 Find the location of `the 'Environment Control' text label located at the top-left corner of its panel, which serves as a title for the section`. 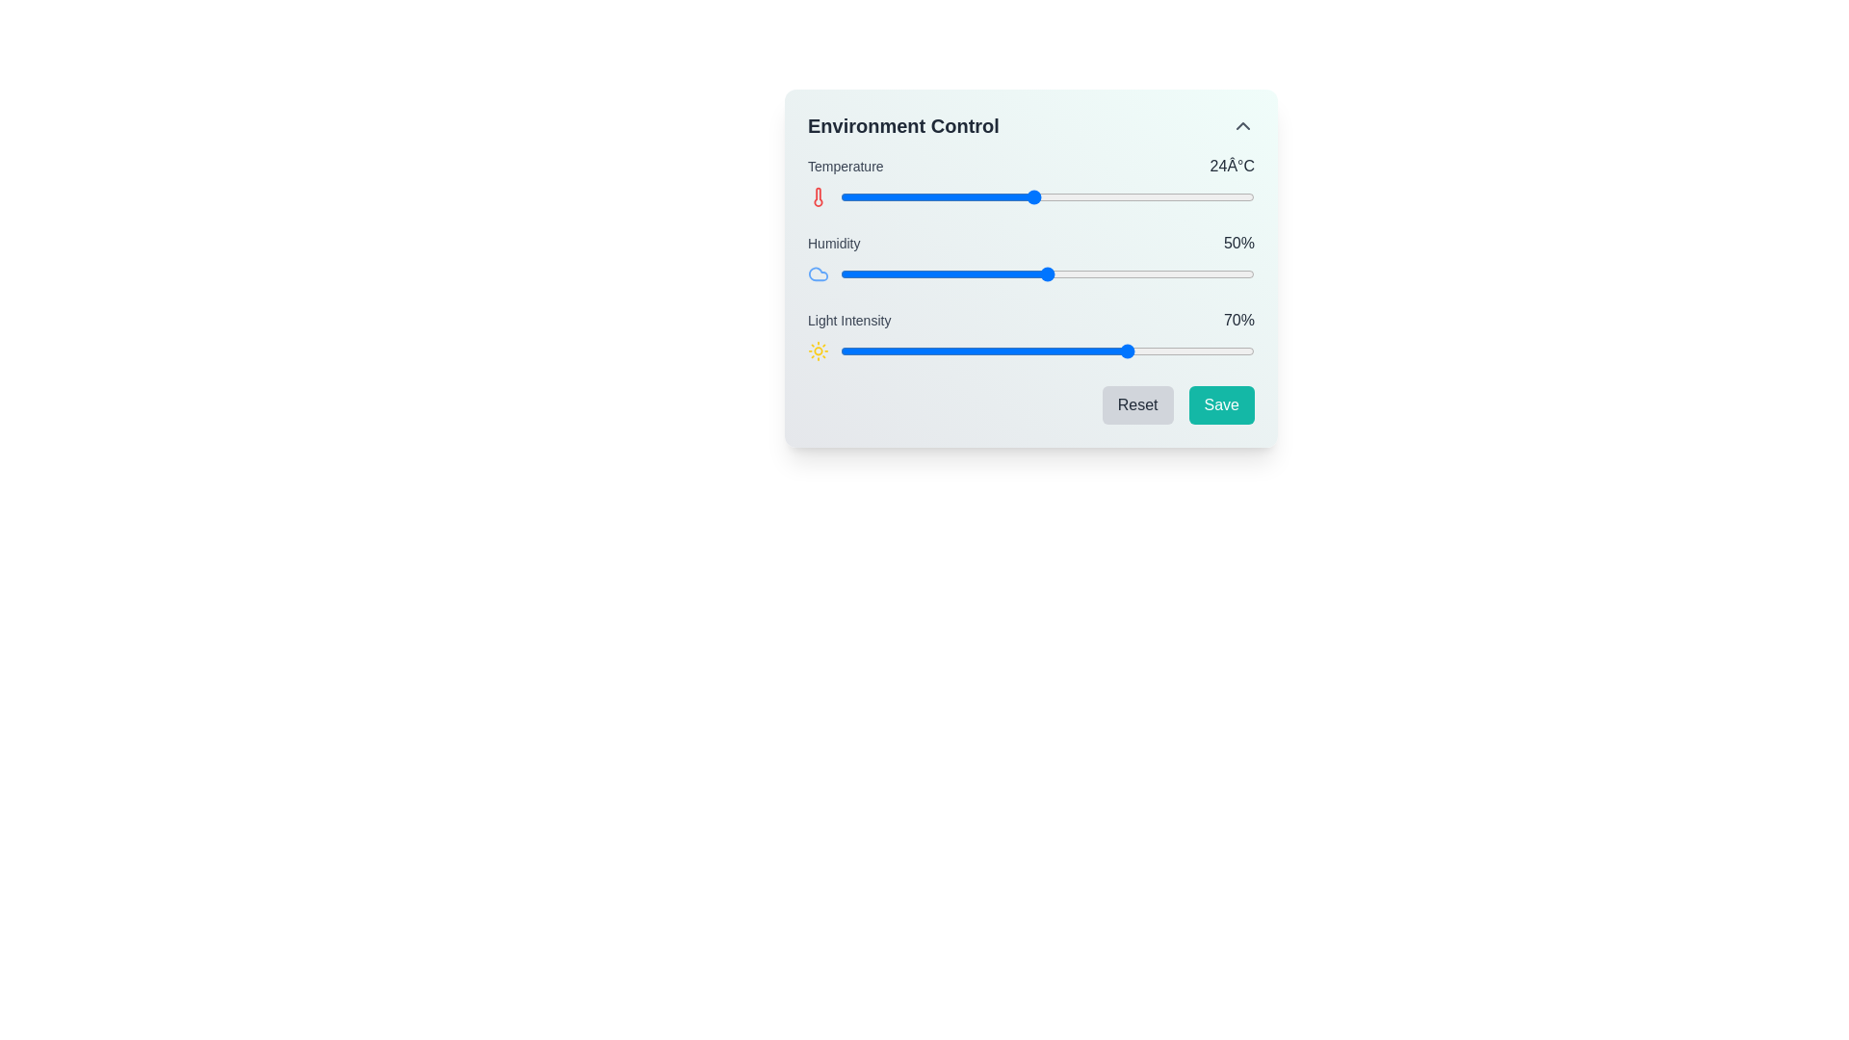

the 'Environment Control' text label located at the top-left corner of its panel, which serves as a title for the section is located at coordinates (902, 126).